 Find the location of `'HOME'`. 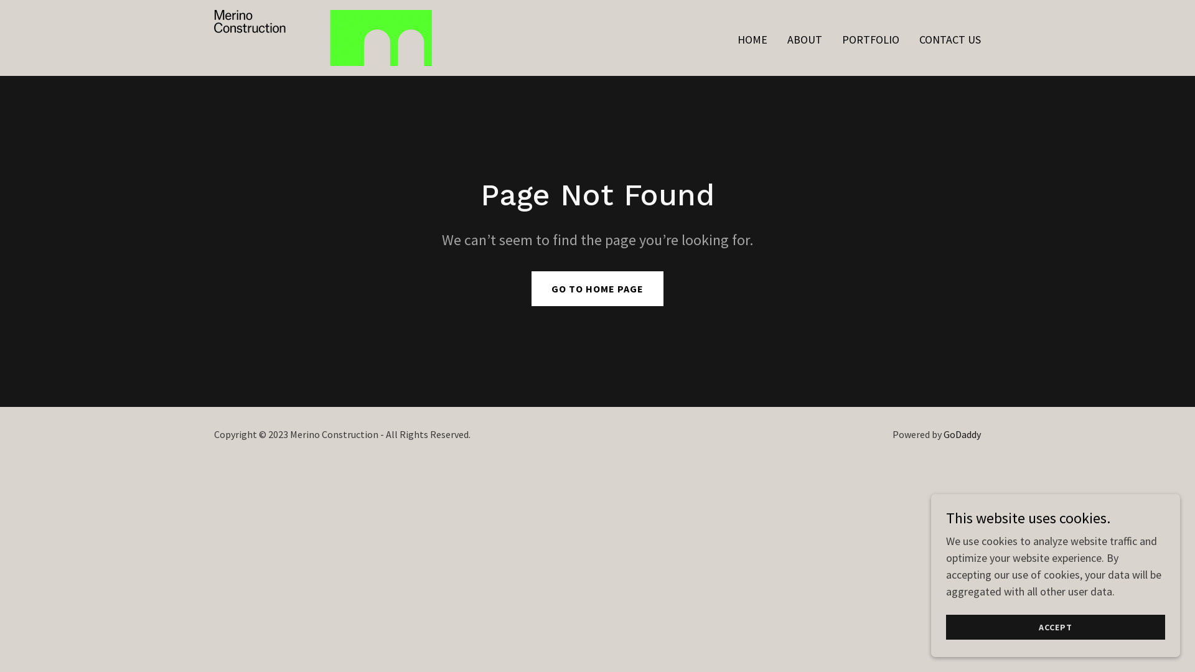

'HOME' is located at coordinates (752, 39).